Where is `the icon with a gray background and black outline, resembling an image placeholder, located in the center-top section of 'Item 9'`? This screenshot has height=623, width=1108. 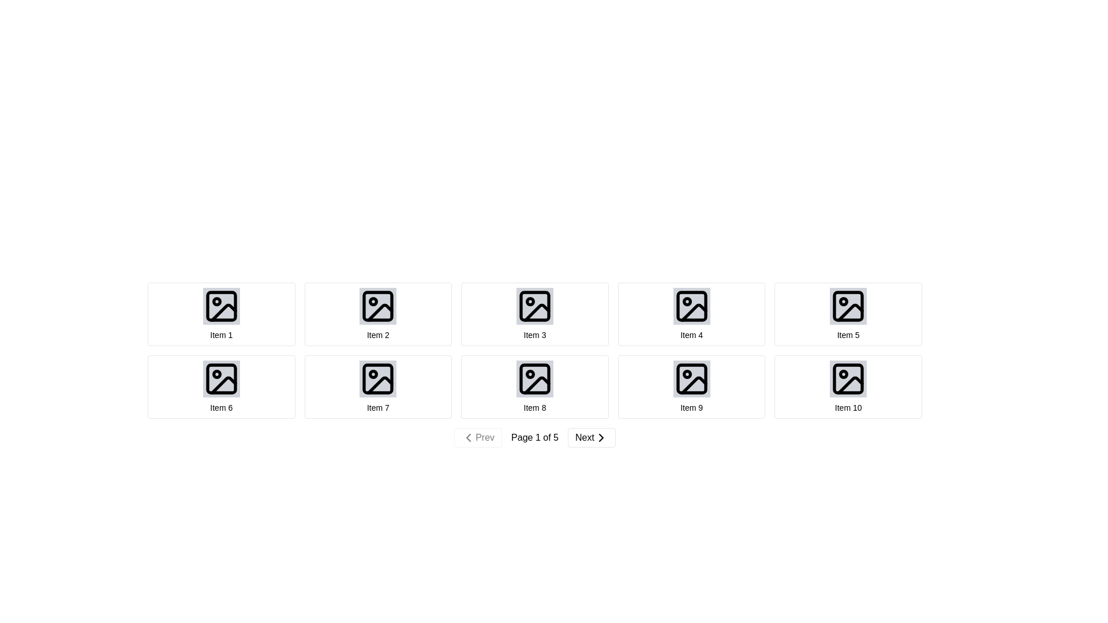
the icon with a gray background and black outline, resembling an image placeholder, located in the center-top section of 'Item 9' is located at coordinates (691, 378).